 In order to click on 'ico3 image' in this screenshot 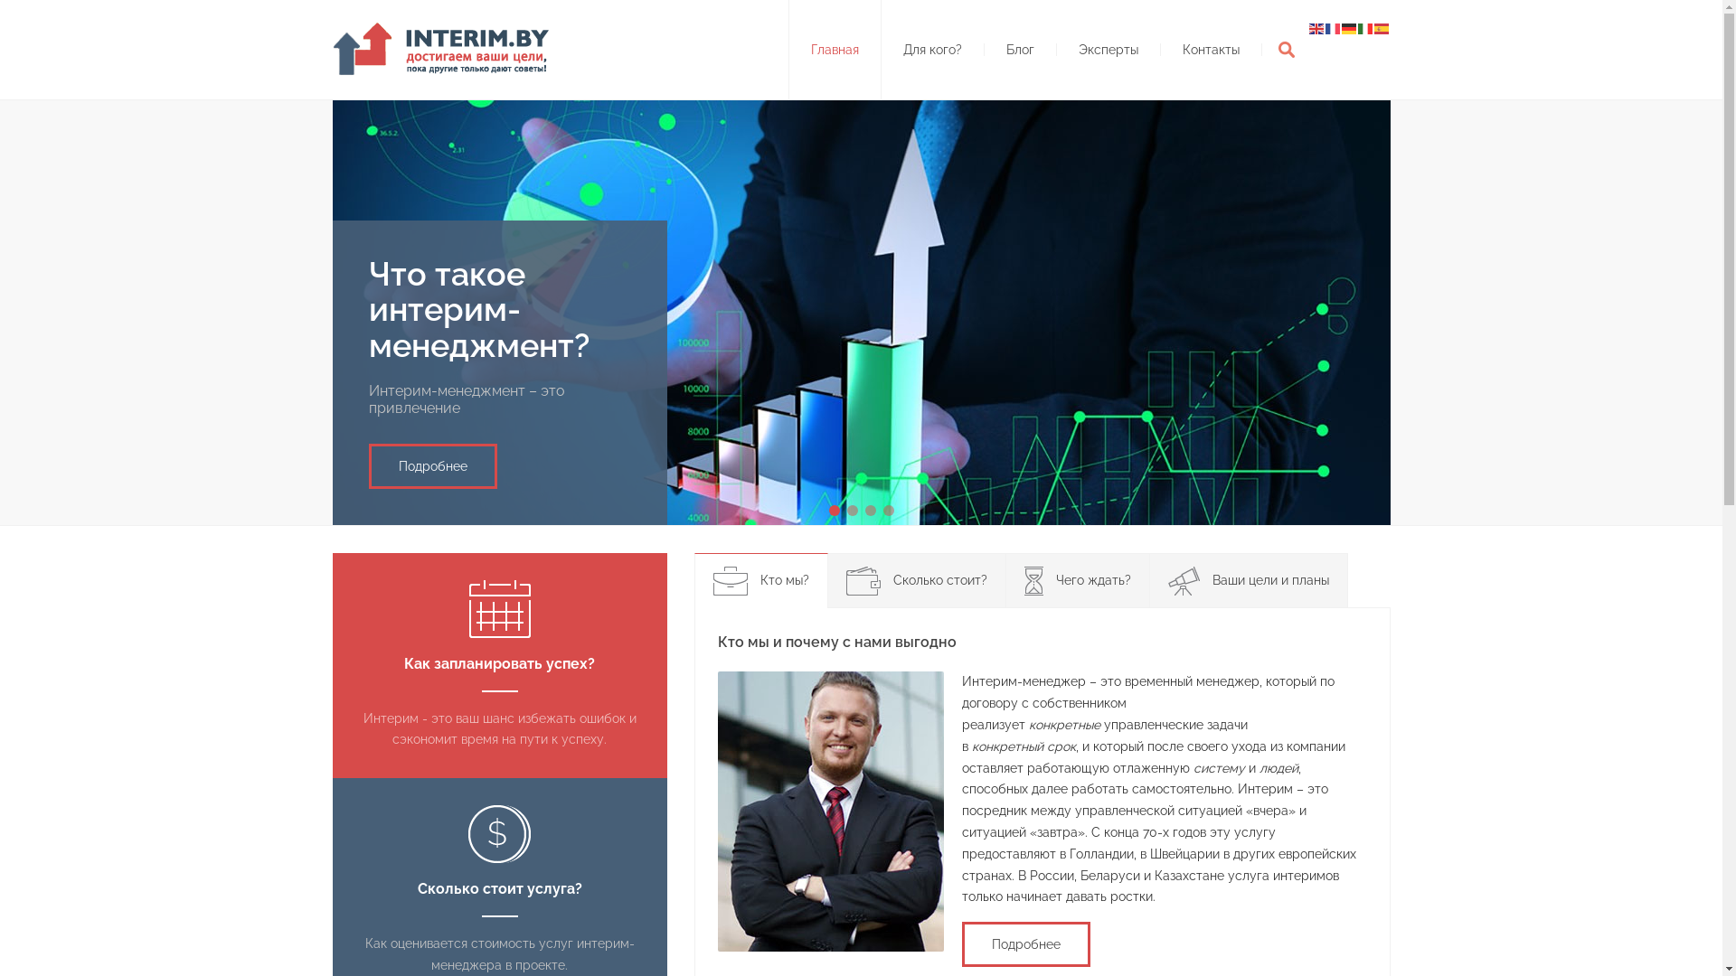, I will do `click(1033, 581)`.